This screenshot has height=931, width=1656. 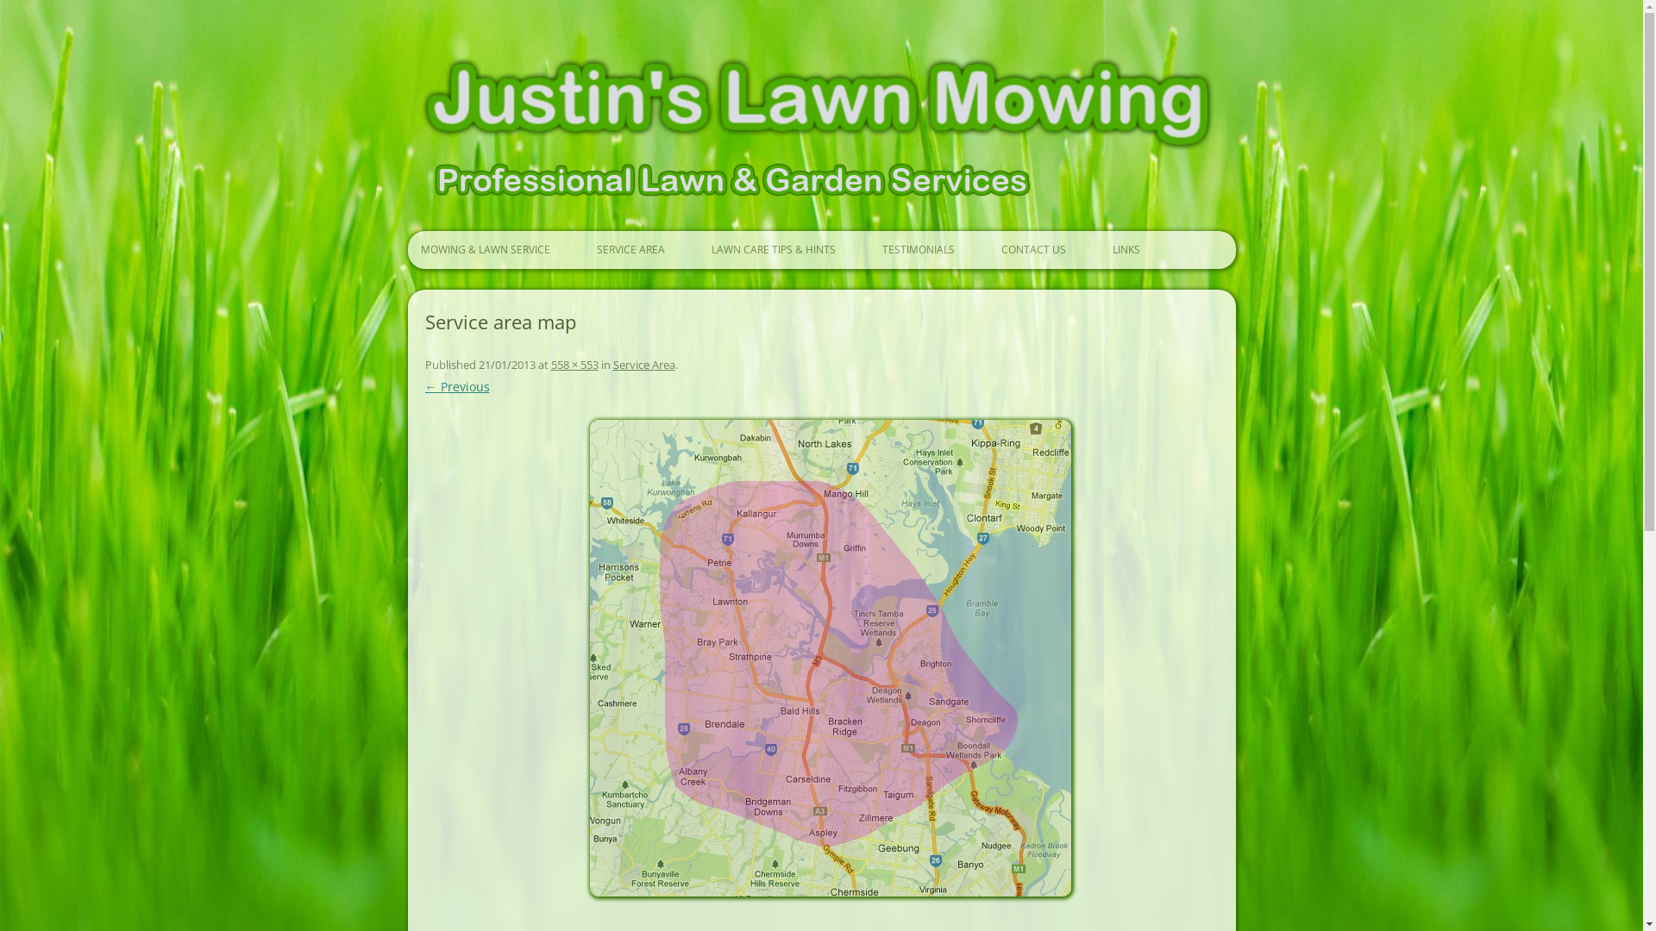 I want to click on 'LAWN CARE TIPS & HINTS', so click(x=770, y=249).